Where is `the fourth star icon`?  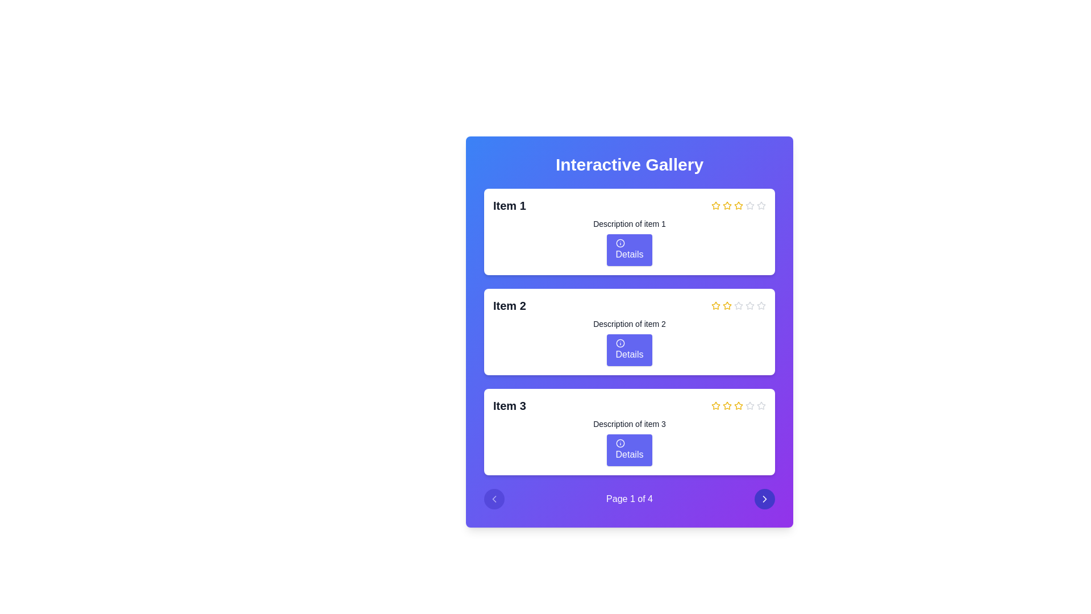 the fourth star icon is located at coordinates (739, 206).